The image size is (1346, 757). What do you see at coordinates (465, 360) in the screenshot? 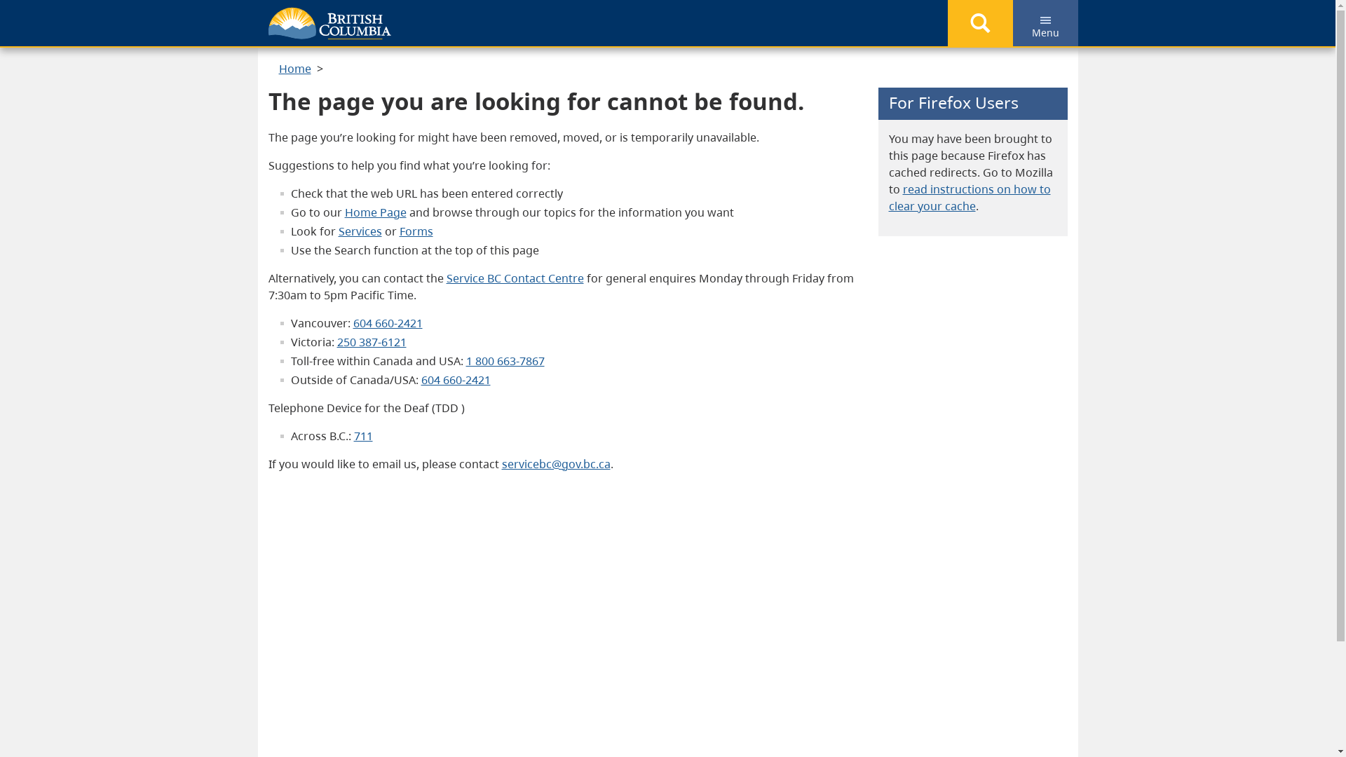
I see `'1 800 663-7867'` at bounding box center [465, 360].